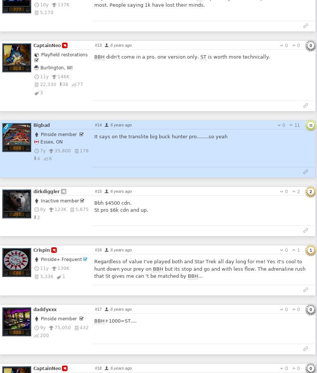 The image size is (317, 373). Describe the element at coordinates (6, 126) in the screenshot. I see `'OP'` at that location.